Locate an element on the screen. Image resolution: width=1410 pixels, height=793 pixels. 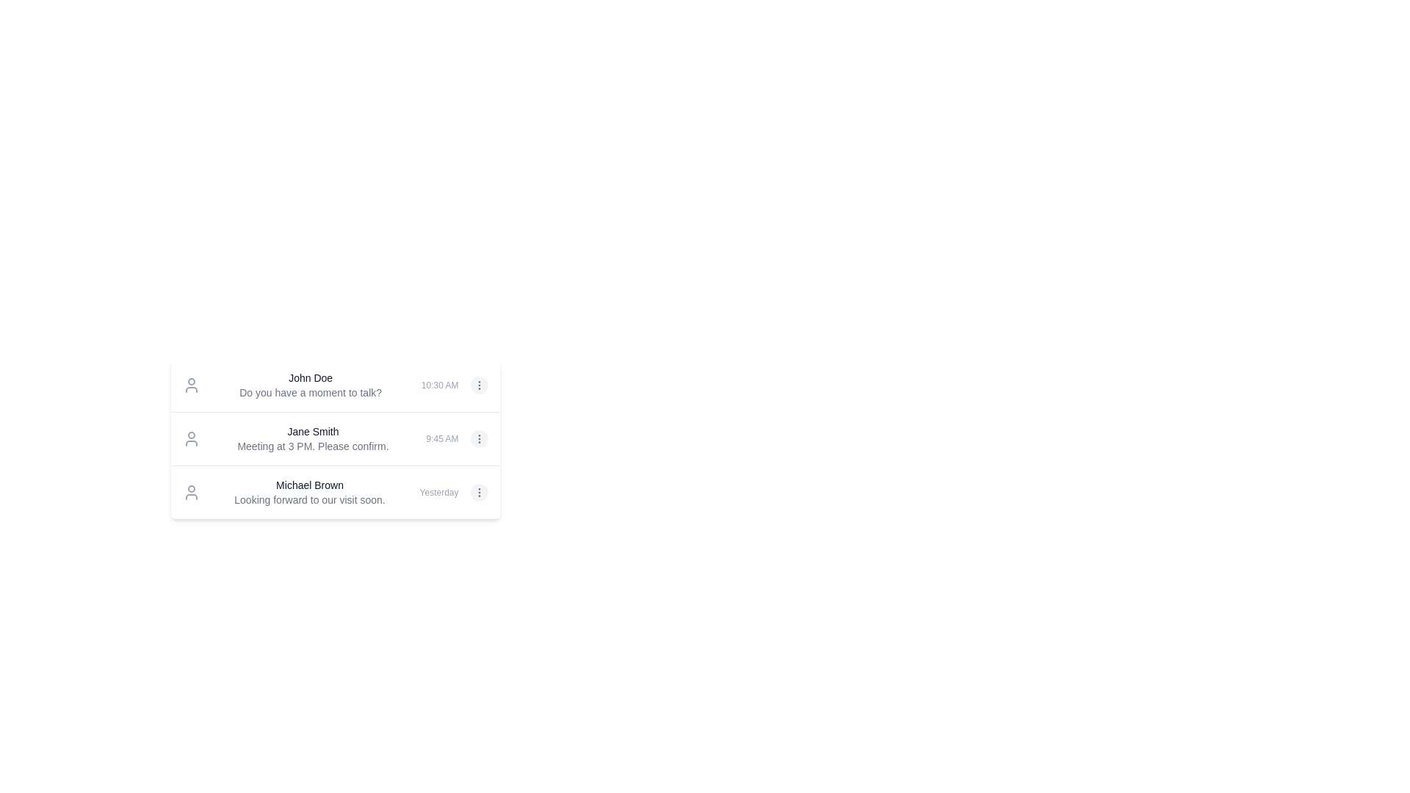
displayed text label located below the name 'John Doe' in the messaging interface, which serves as a preview of the message associated with him is located at coordinates (310, 392).